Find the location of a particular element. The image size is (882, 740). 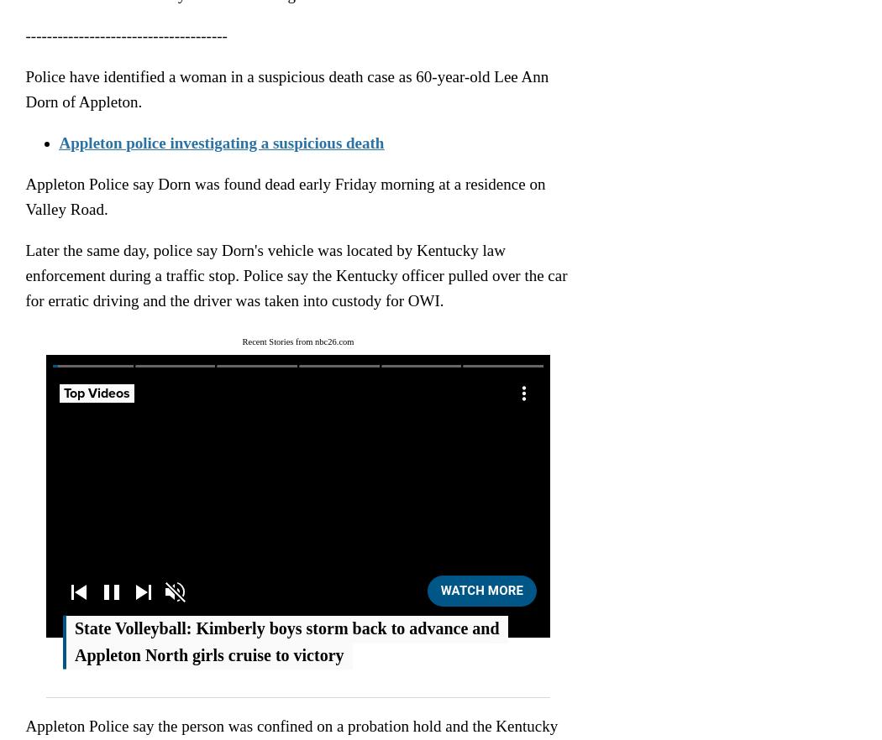

'About Connatix' is located at coordinates (164, 404).